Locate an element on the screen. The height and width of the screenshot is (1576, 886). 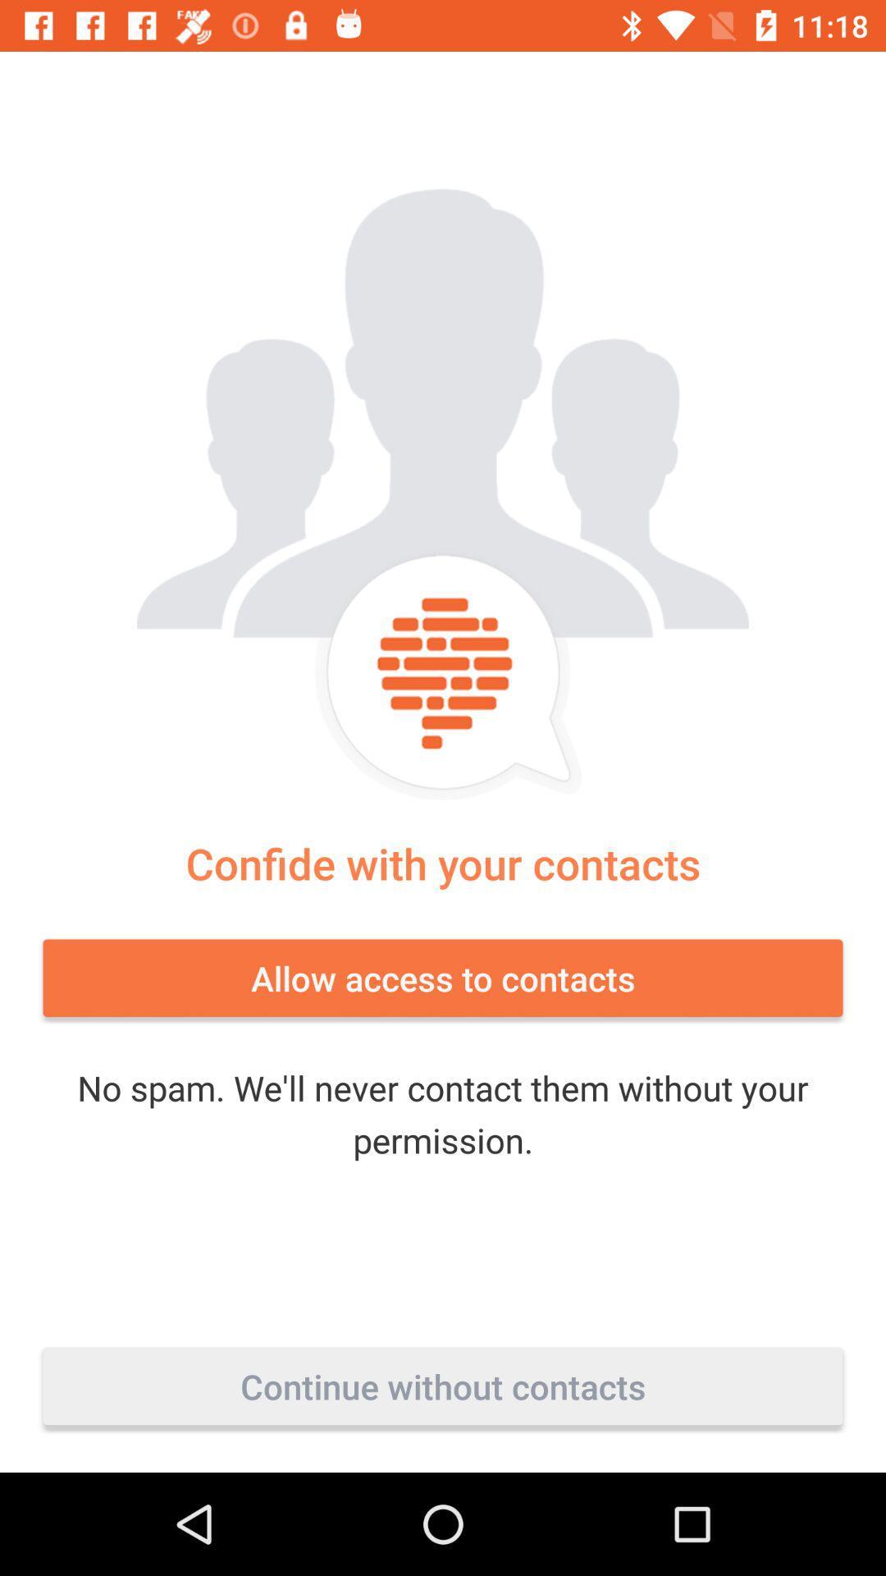
continue without contacts item is located at coordinates (443, 1386).